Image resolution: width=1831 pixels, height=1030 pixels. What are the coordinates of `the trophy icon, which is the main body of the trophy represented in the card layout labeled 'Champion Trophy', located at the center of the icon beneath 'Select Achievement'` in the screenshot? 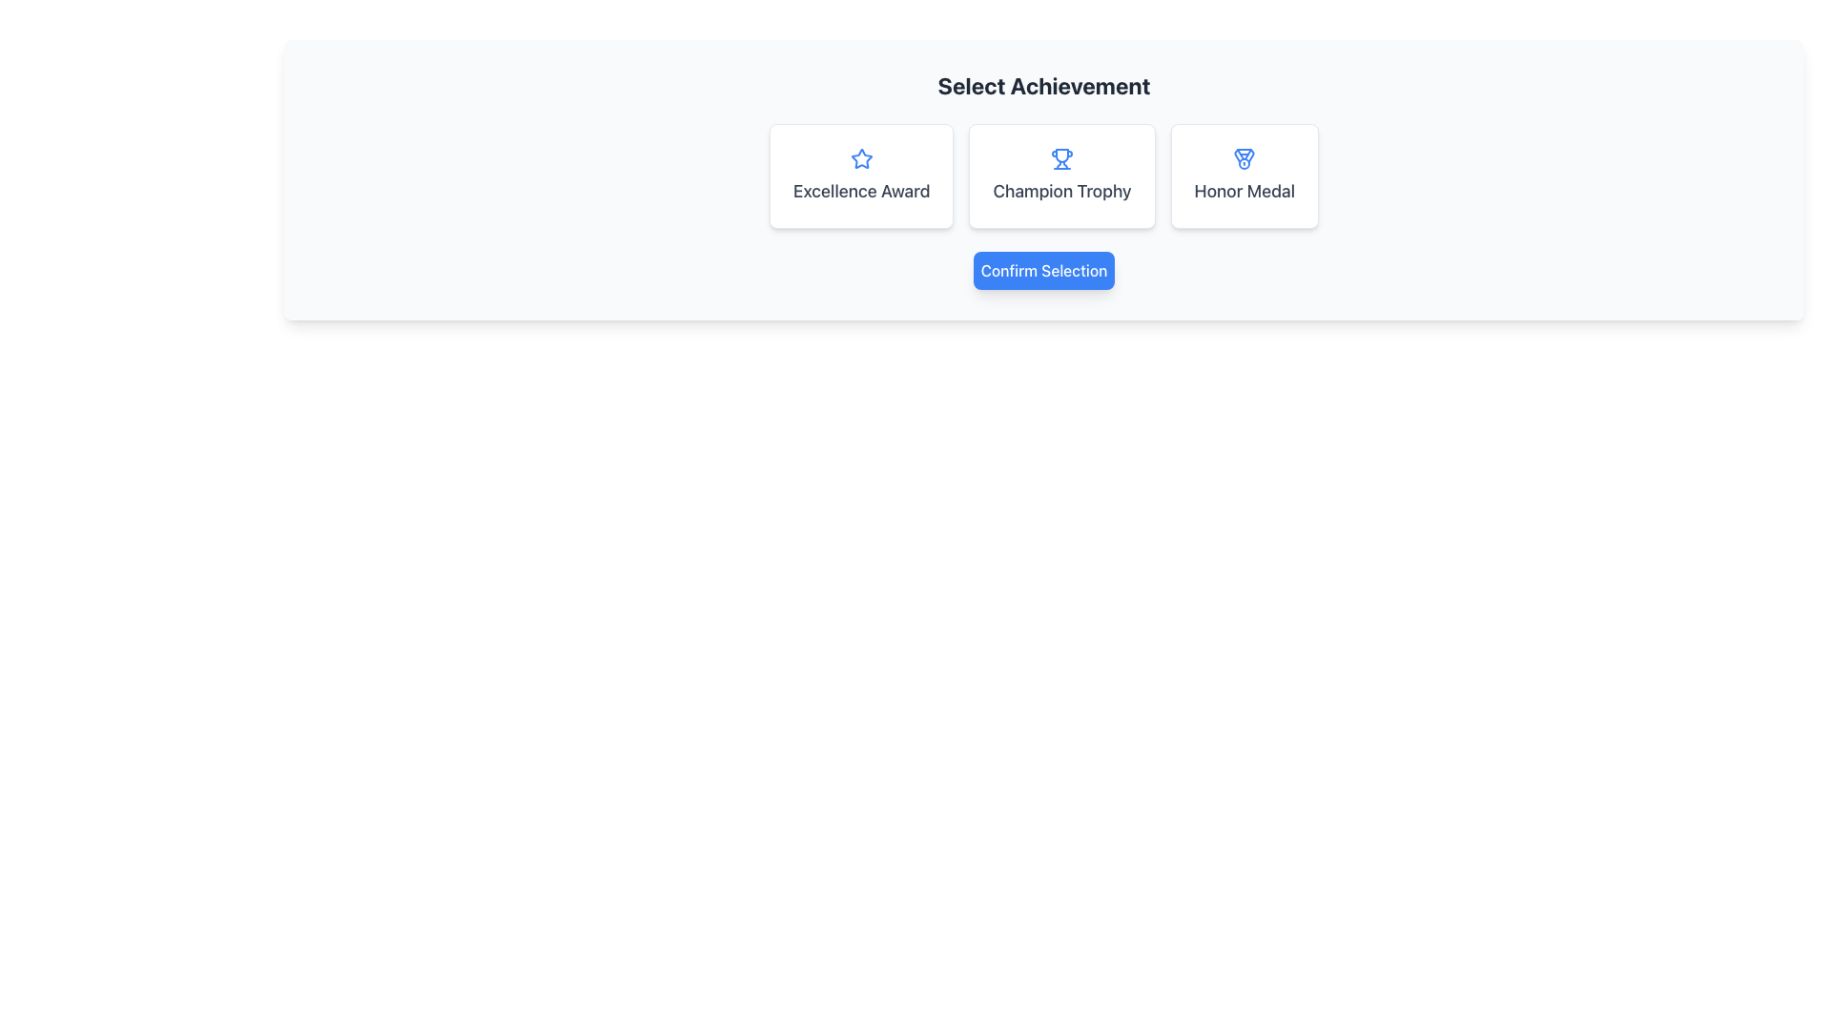 It's located at (1060, 154).